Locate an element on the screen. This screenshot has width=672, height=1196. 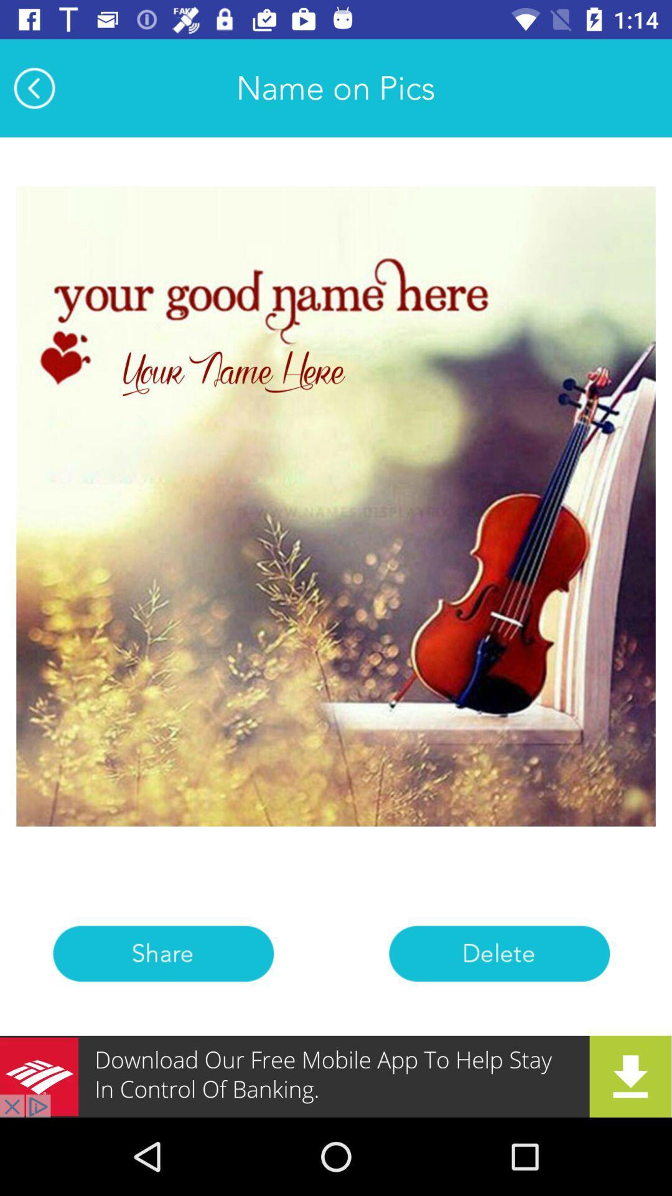
open bank of america app page is located at coordinates (336, 1076).